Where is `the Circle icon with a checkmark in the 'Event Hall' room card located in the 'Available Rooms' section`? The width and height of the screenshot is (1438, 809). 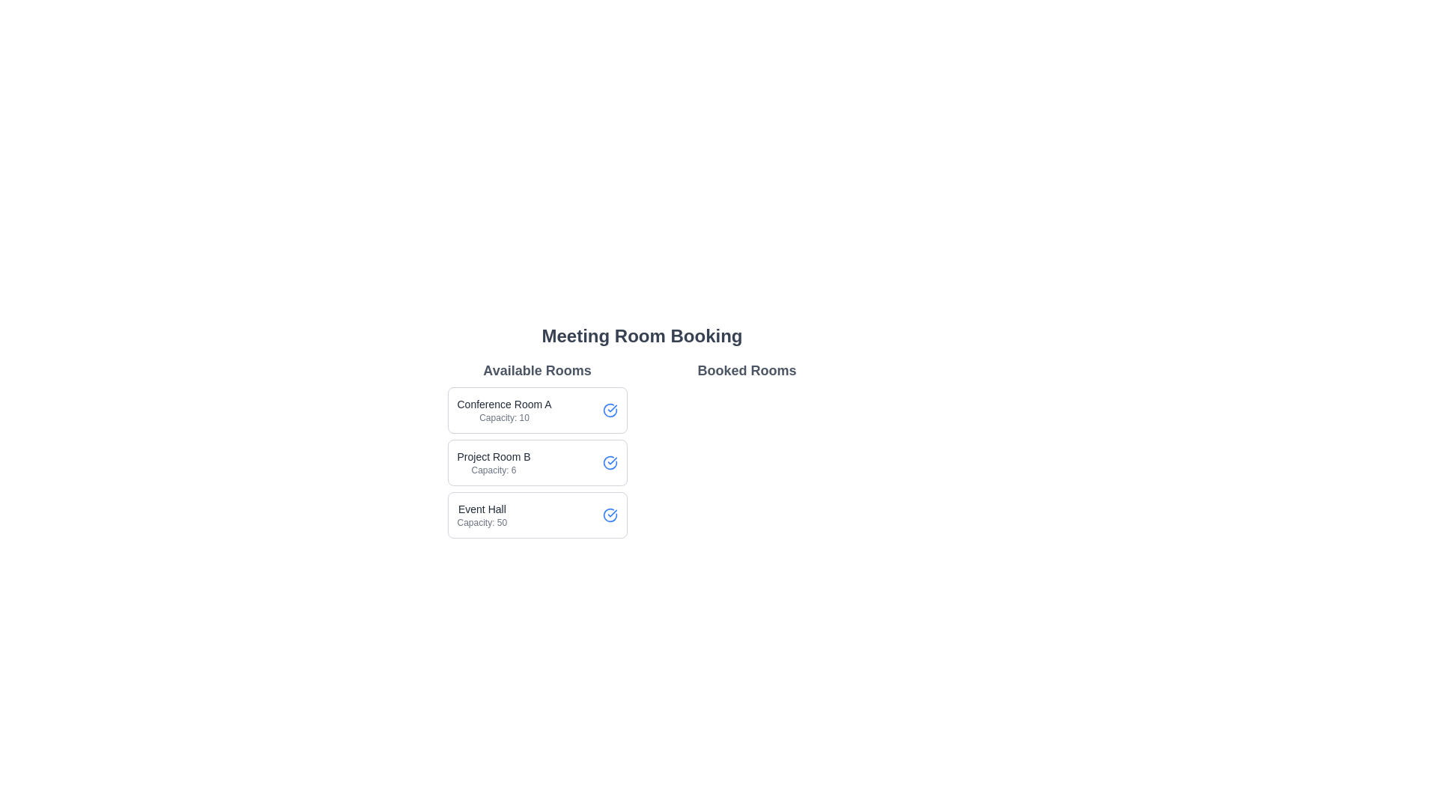 the Circle icon with a checkmark in the 'Event Hall' room card located in the 'Available Rooms' section is located at coordinates (610, 514).